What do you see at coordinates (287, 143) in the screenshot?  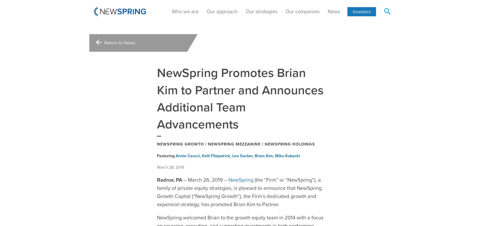 I see `'Mike Kubacki'` at bounding box center [287, 143].